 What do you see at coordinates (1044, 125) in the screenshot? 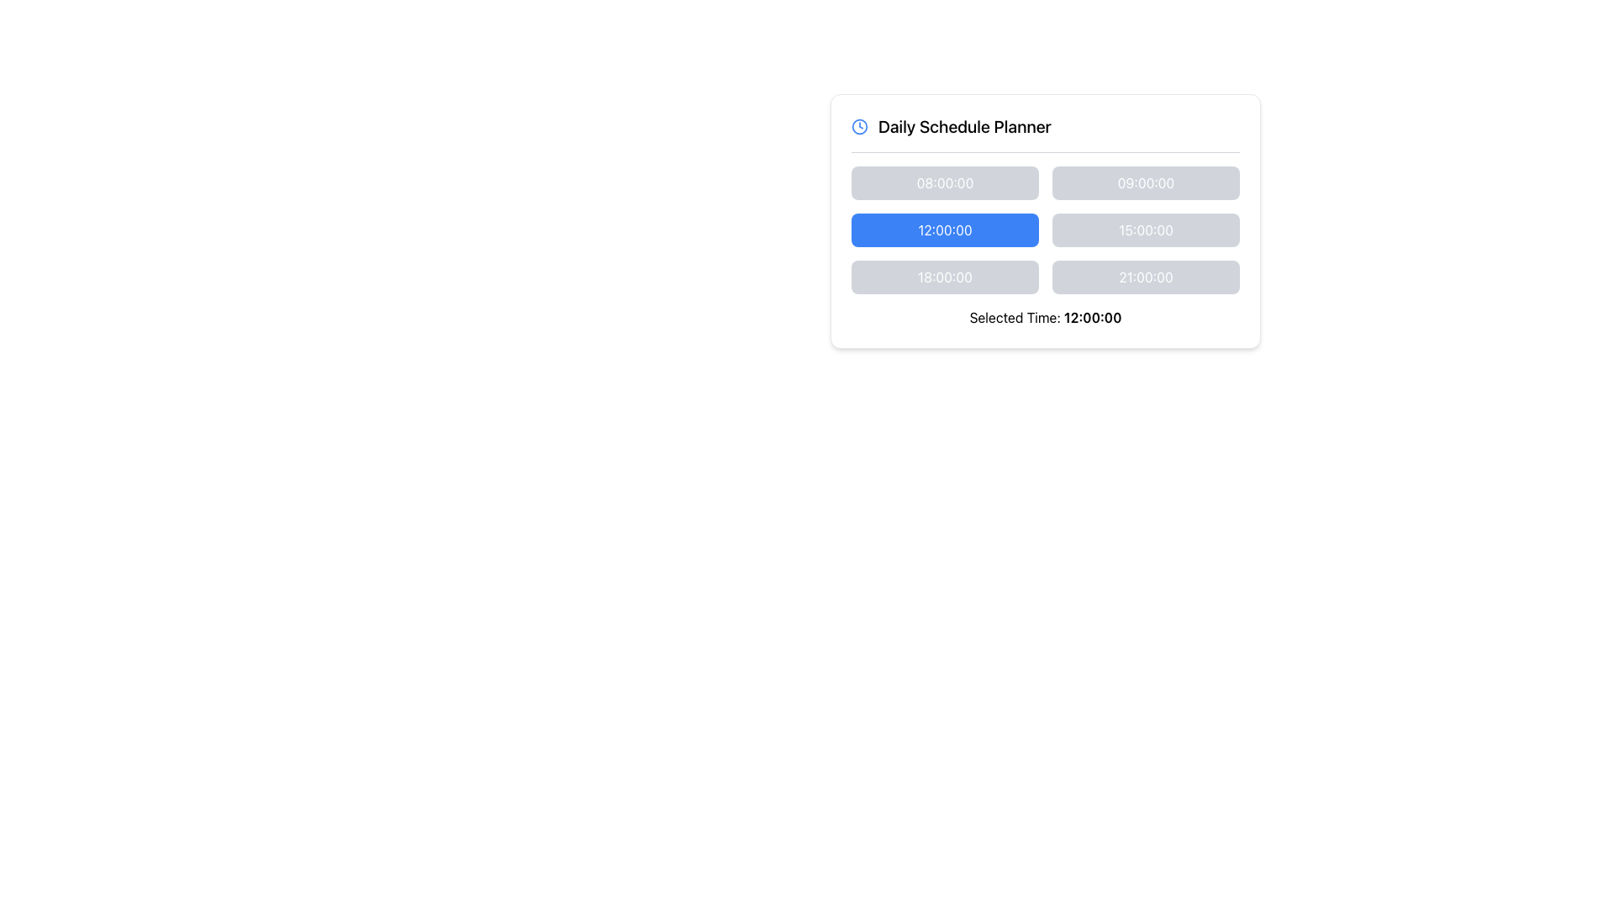
I see `the 'Daily Schedule Planner' text label with a clock icon, which is located at the top of a card-like section with a white background and gray border` at bounding box center [1044, 125].